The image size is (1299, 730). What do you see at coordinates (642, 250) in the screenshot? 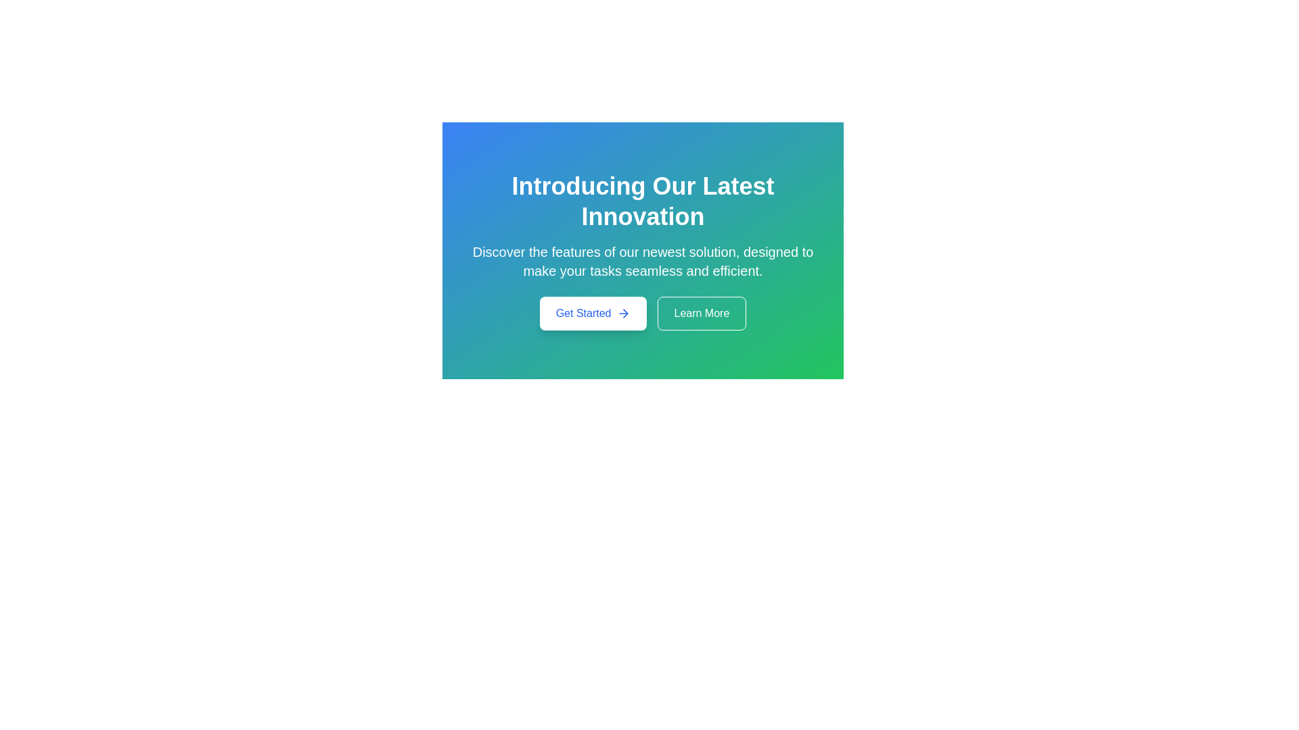
I see `the Promotional Banner Section, which features a gradient background from blue to green and contains a bold headline, a descriptive paragraph, and two action buttons ('Get Started' and 'Learn More')` at bounding box center [642, 250].